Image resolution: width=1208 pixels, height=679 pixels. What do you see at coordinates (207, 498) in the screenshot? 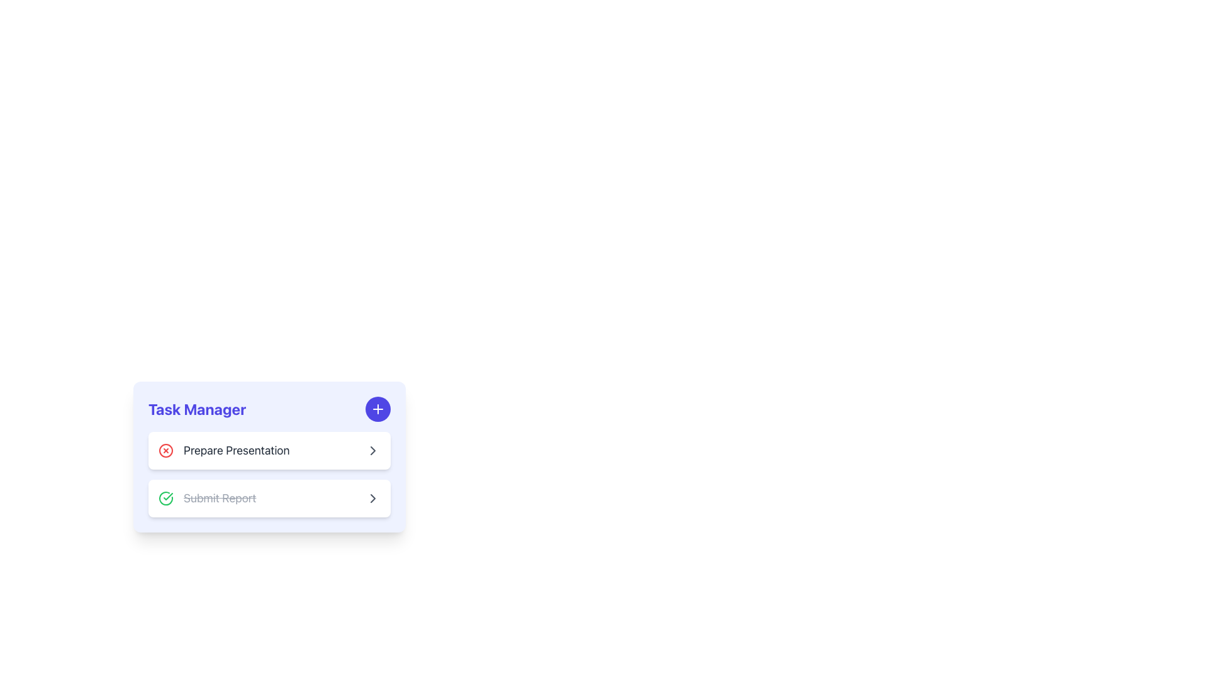
I see `the 'Submit Report' text with a strikethrough effect and a green circular checkmark icon, indicating the task is completed` at bounding box center [207, 498].